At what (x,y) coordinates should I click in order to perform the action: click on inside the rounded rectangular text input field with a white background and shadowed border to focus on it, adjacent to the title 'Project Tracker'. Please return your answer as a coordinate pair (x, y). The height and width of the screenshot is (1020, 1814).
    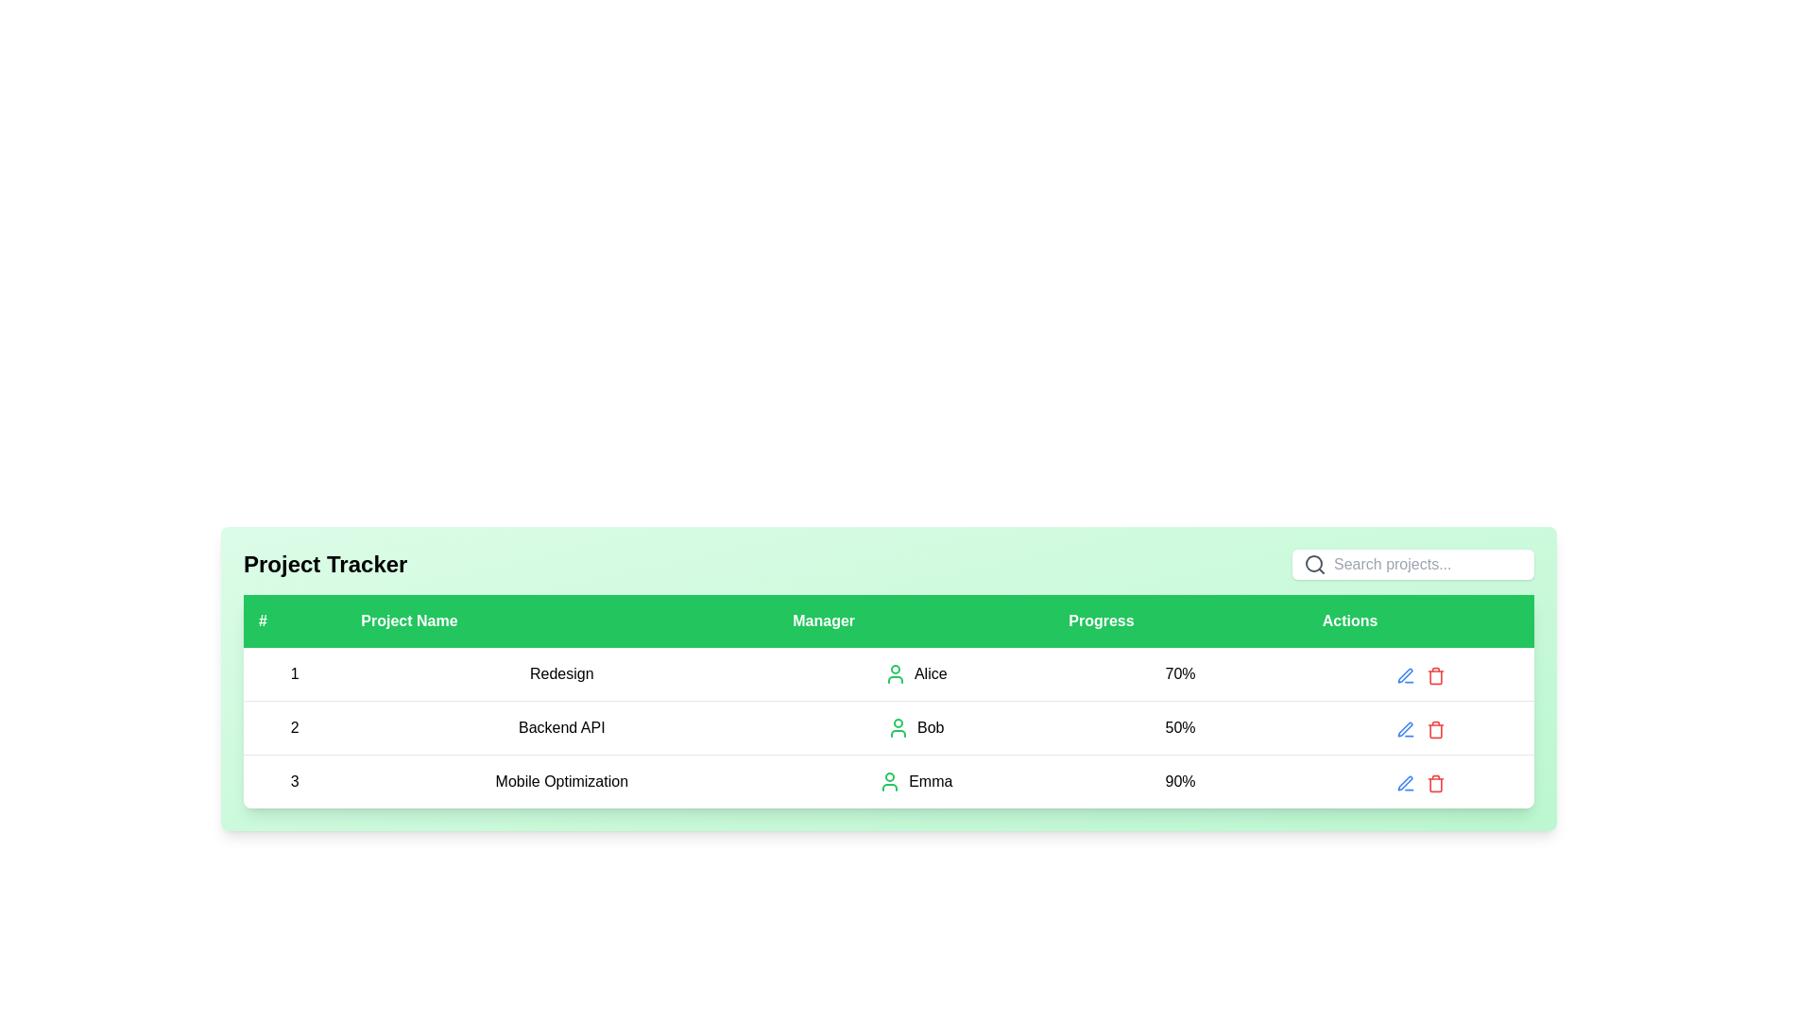
    Looking at the image, I should click on (1413, 563).